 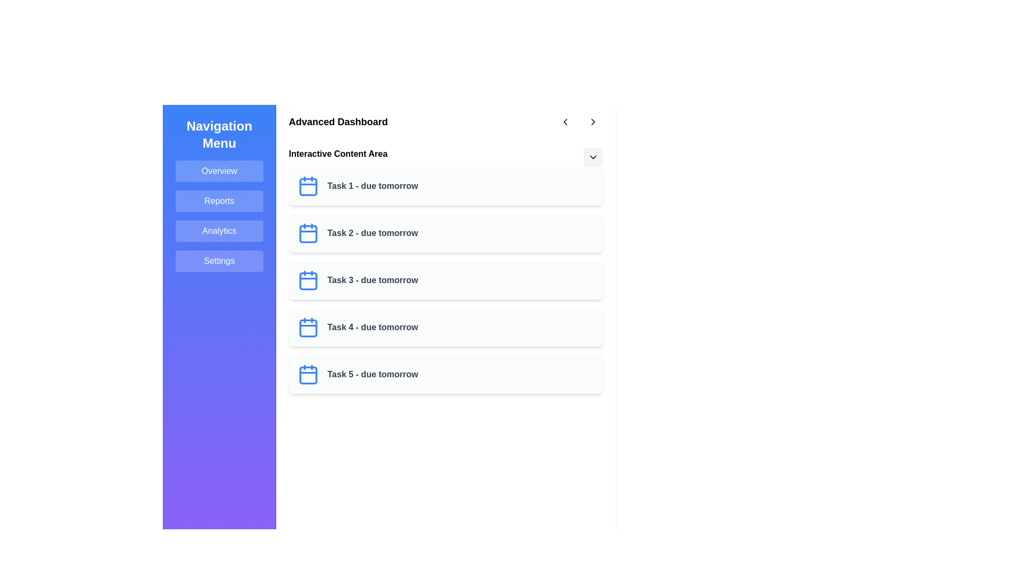 I want to click on task information displayed on the fifth Informational card indicating 'Task 5' and its due date 'due tomorrow' located in the Interactive Content Area, so click(x=445, y=374).